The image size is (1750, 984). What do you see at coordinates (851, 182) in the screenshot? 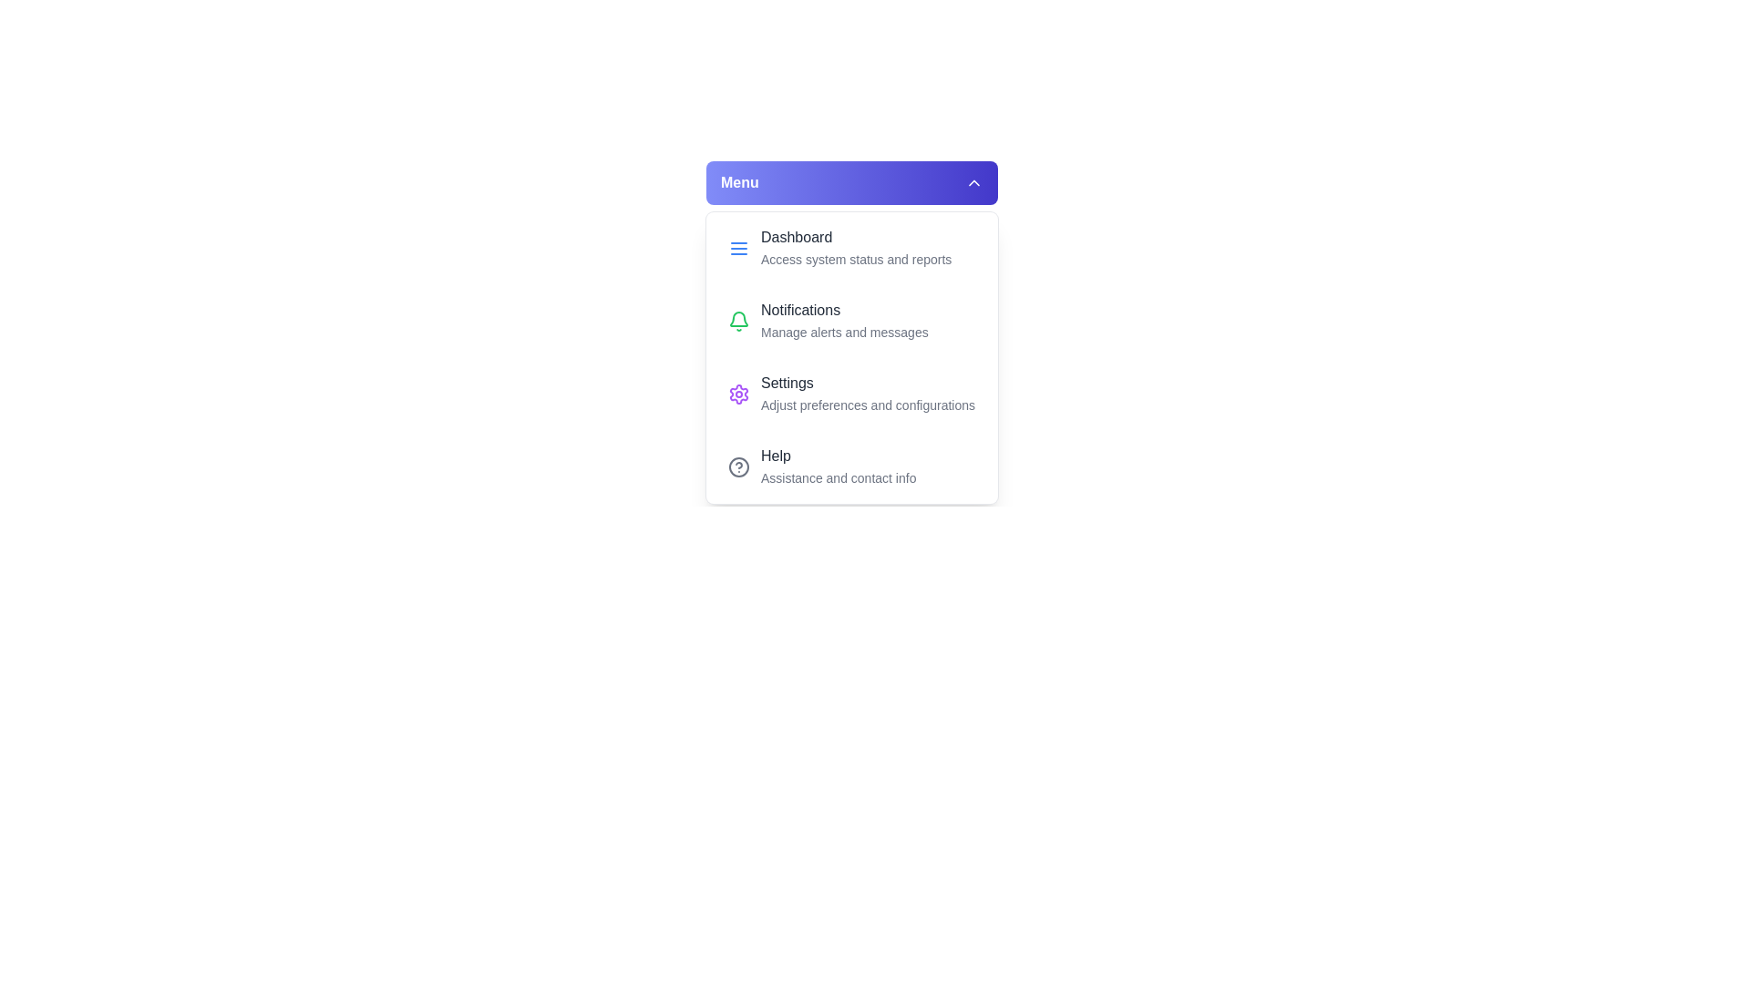
I see `the rectangular 'Menu' button with an indigo to purple gradient background to observe any hover effects` at bounding box center [851, 182].